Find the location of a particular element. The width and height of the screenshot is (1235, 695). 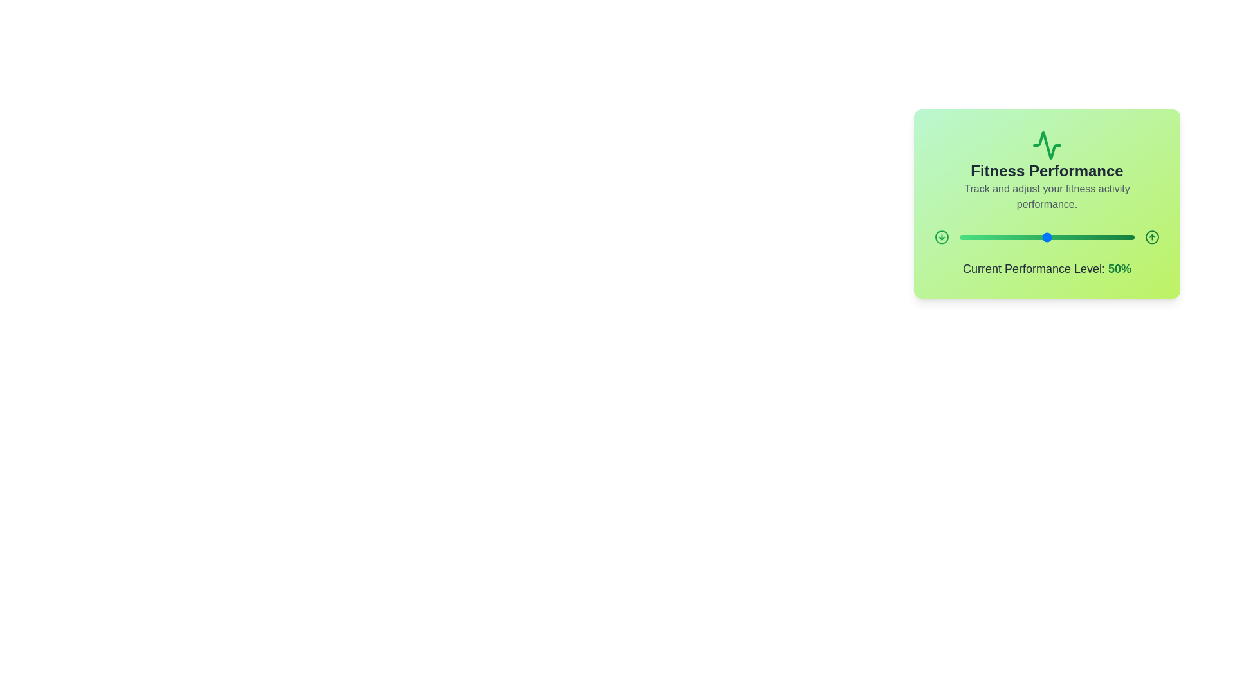

the slider to set the performance level to 87% is located at coordinates (1111, 237).